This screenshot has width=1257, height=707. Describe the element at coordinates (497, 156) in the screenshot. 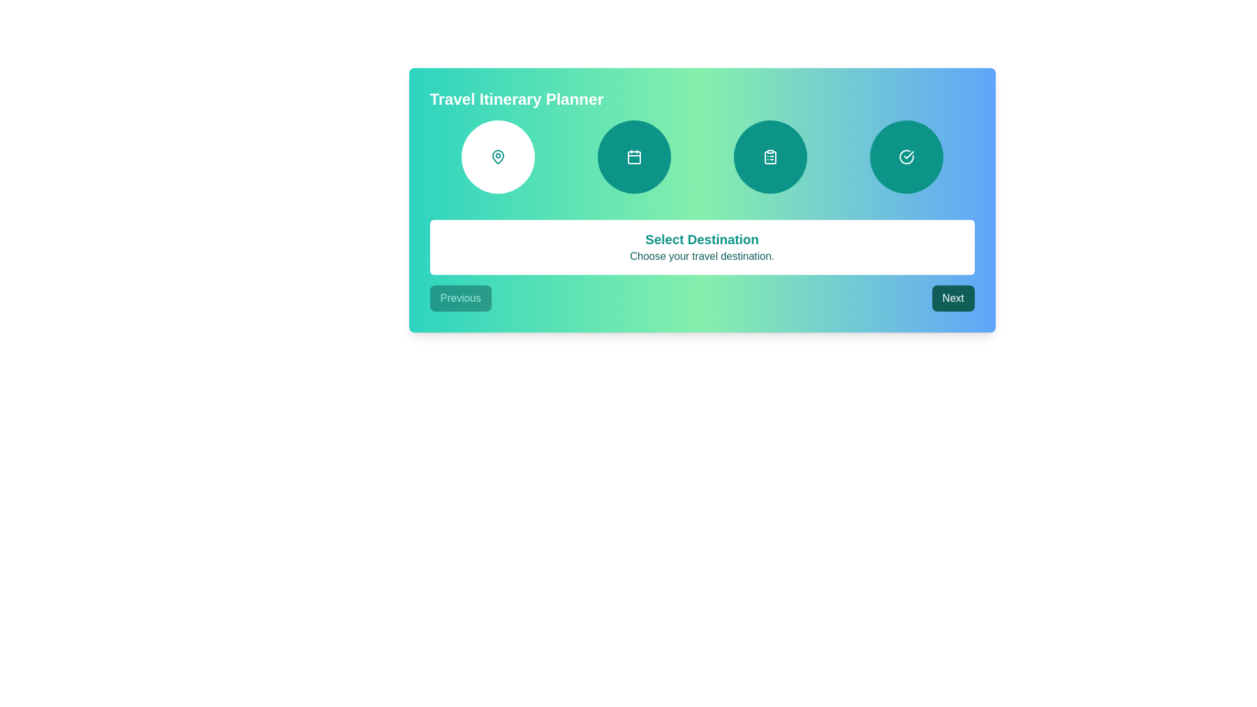

I see `the map pin icon SVG graphic located as the first icon from the left in a group of three icons at the top center of the interface` at that location.